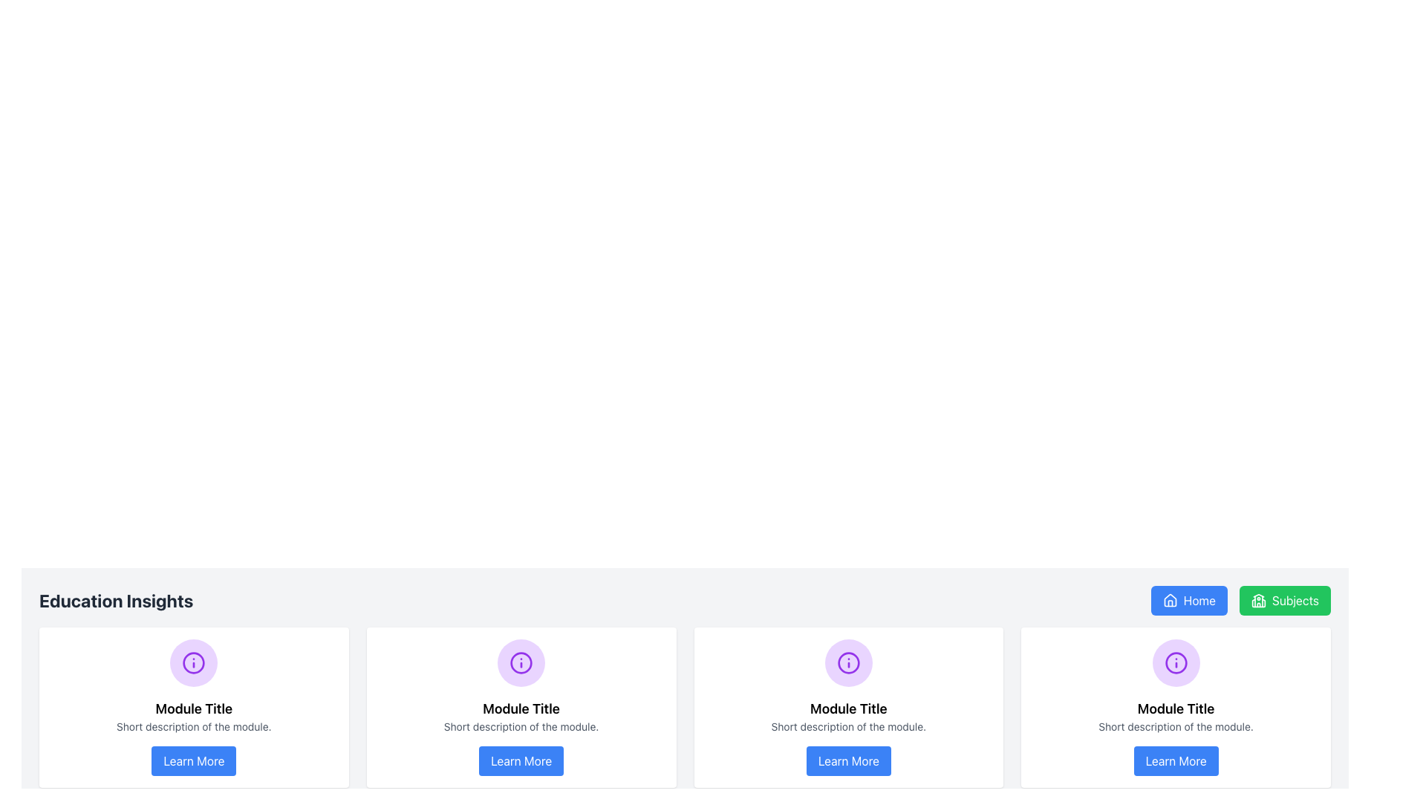 The image size is (1426, 802). What do you see at coordinates (1175, 761) in the screenshot?
I see `the 'Learn More' button located at the bottom center of the fourth card in a horizontal list` at bounding box center [1175, 761].